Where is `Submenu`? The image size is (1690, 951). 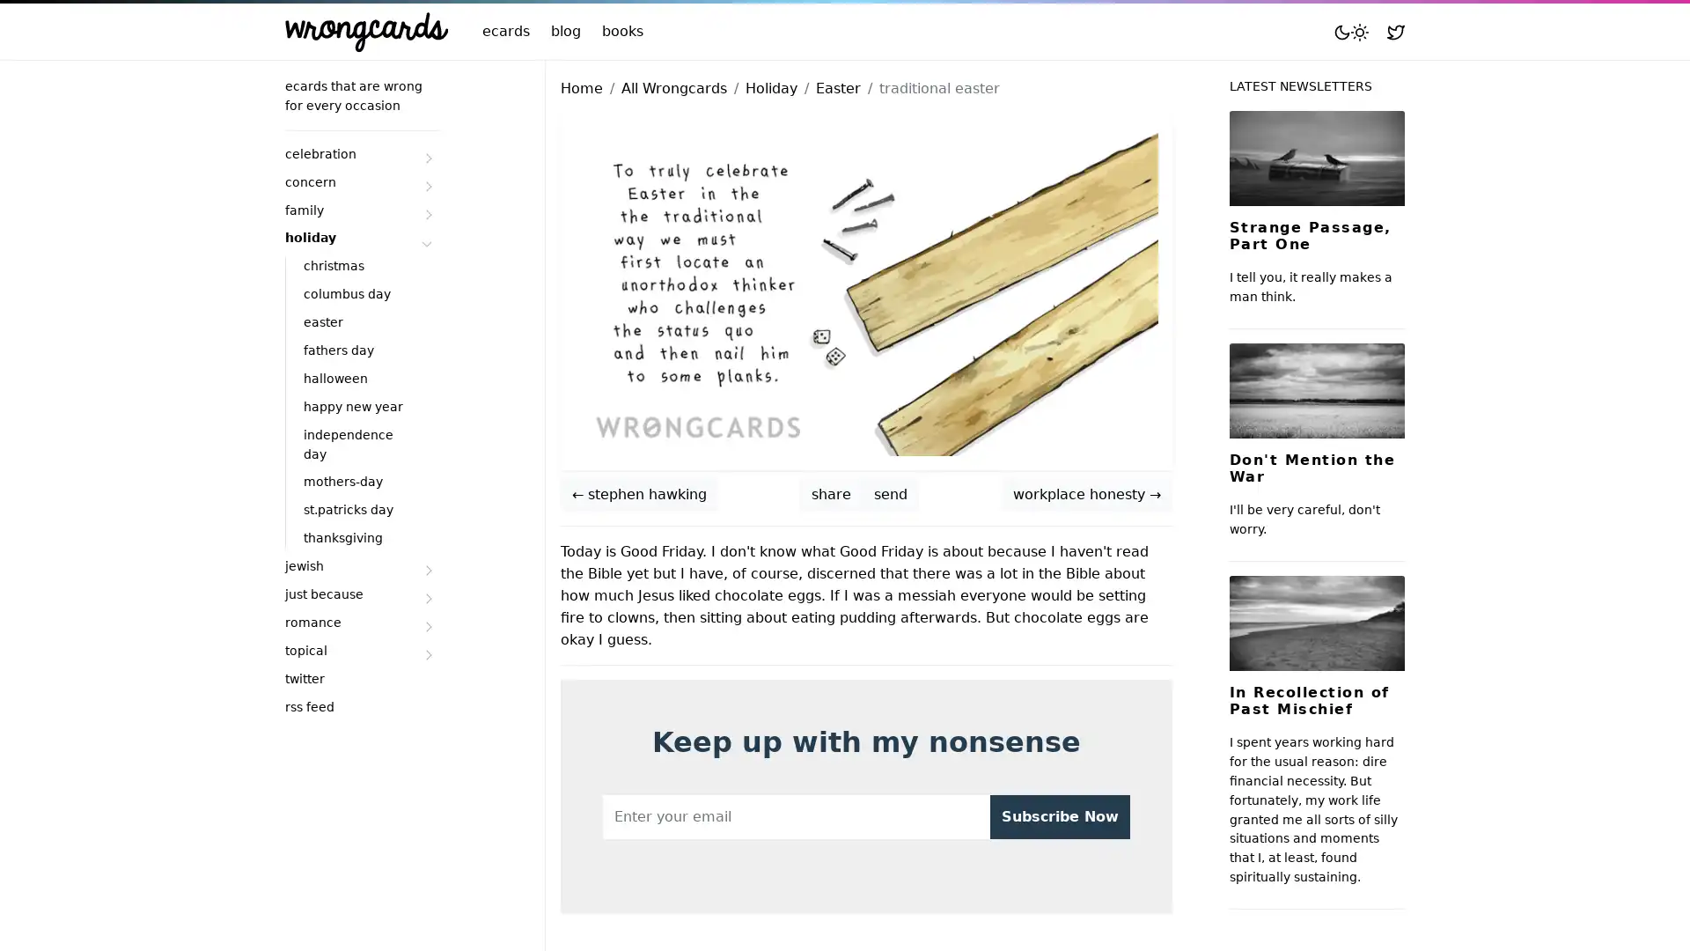 Submenu is located at coordinates (426, 186).